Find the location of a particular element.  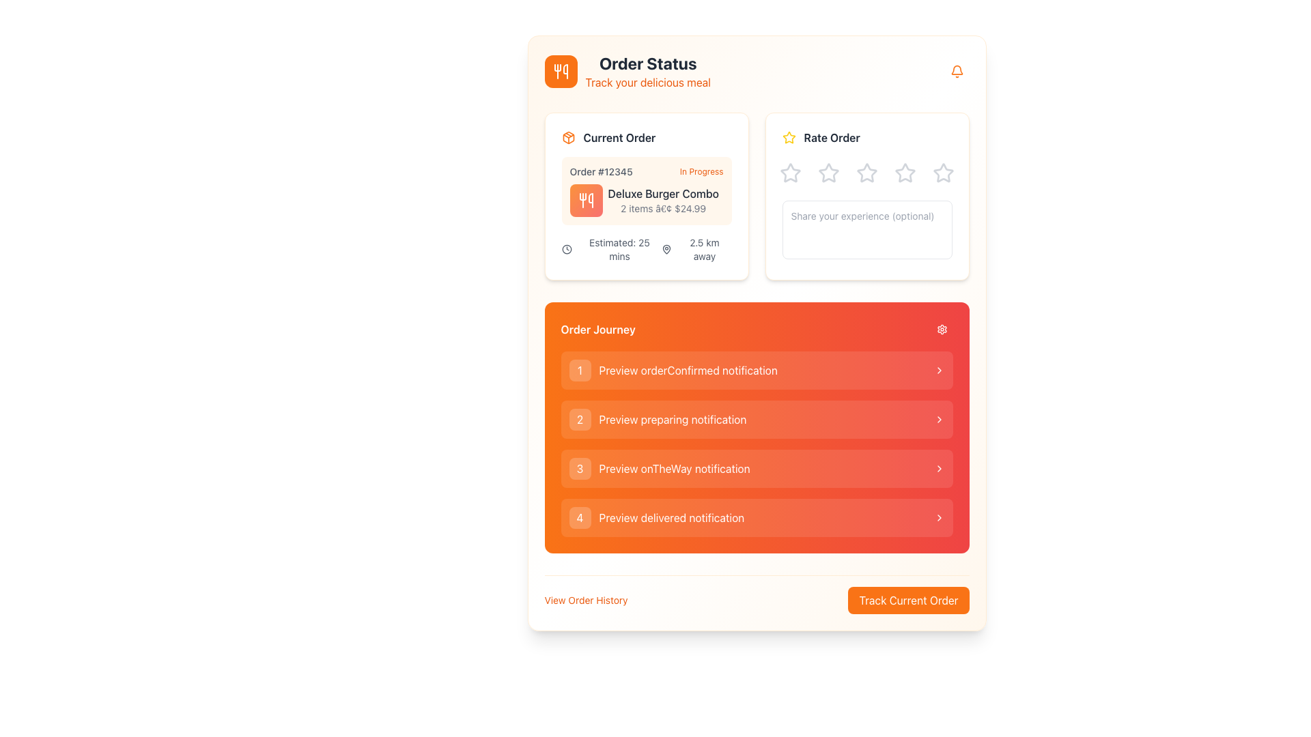

the 'Order Status' text label that provides context for the section, located at the top left corner of the application interface, next to an orange utensils icon is located at coordinates (647, 71).